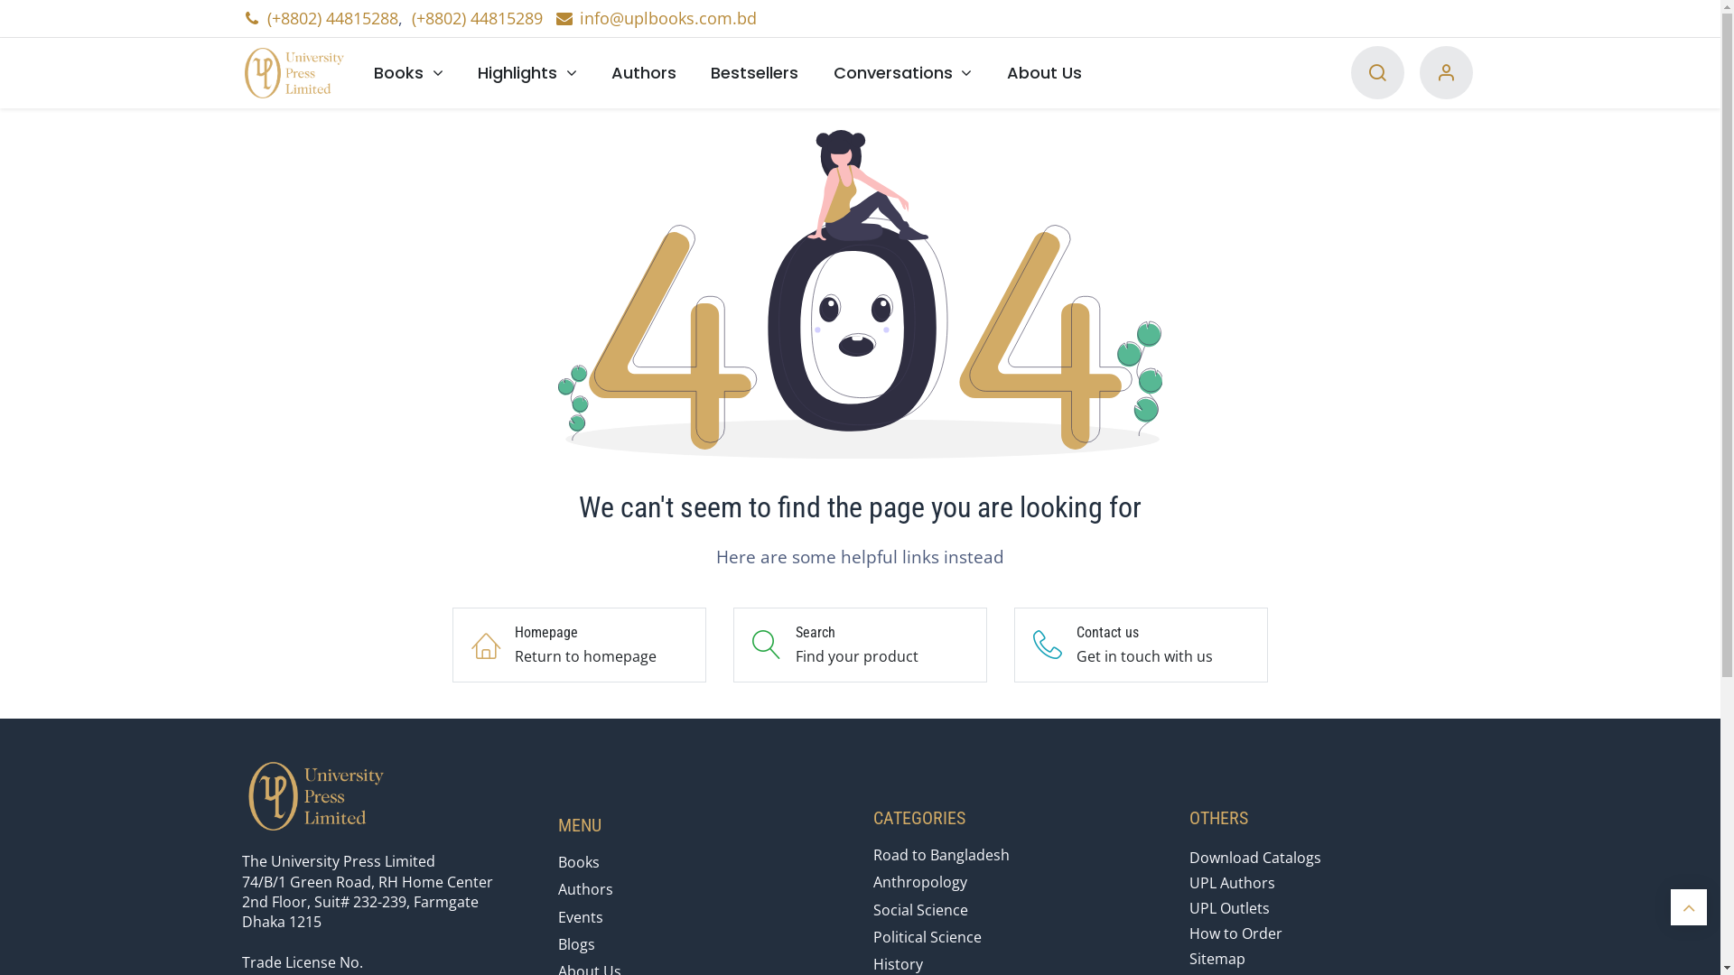 This screenshot has width=1734, height=975. I want to click on 'Contact us, so click(1140, 644).